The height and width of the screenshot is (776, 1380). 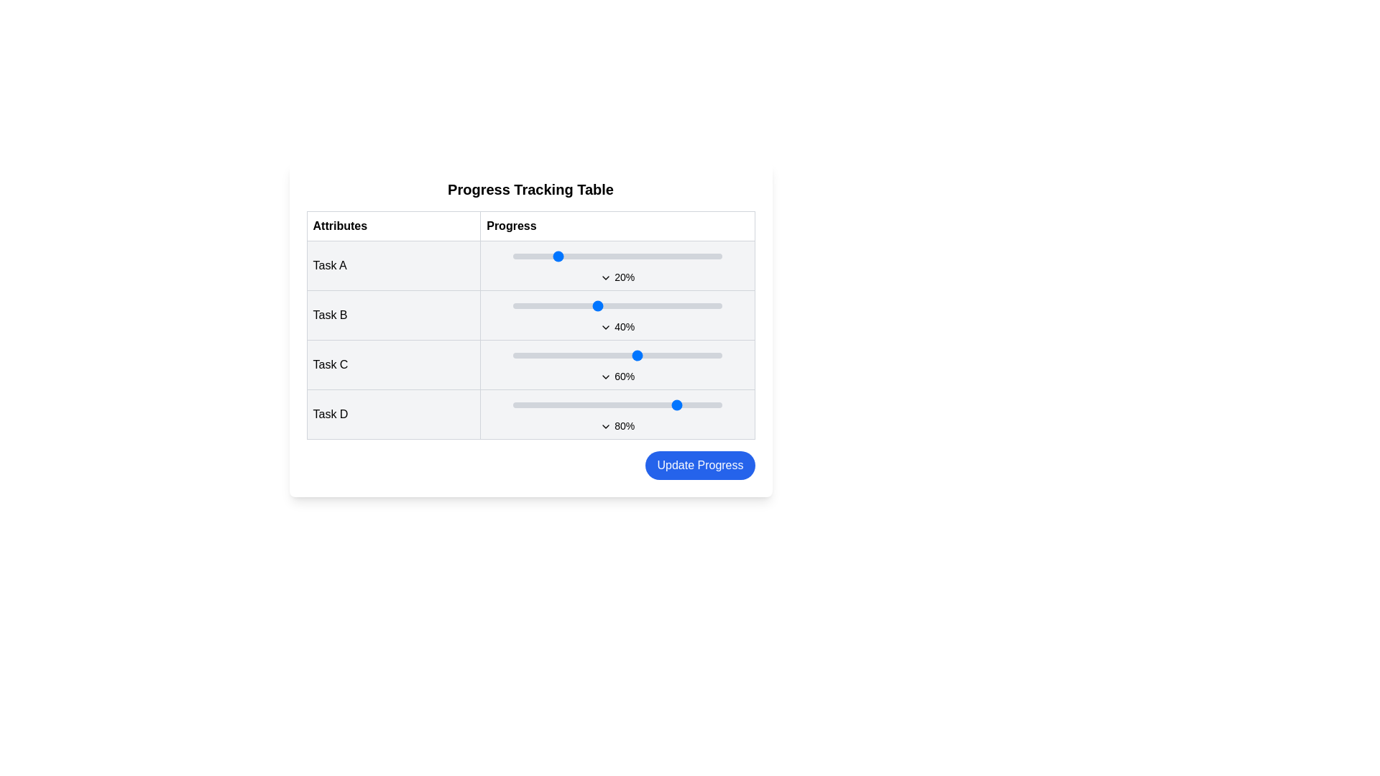 I want to click on the progress for Task C, so click(x=705, y=355).